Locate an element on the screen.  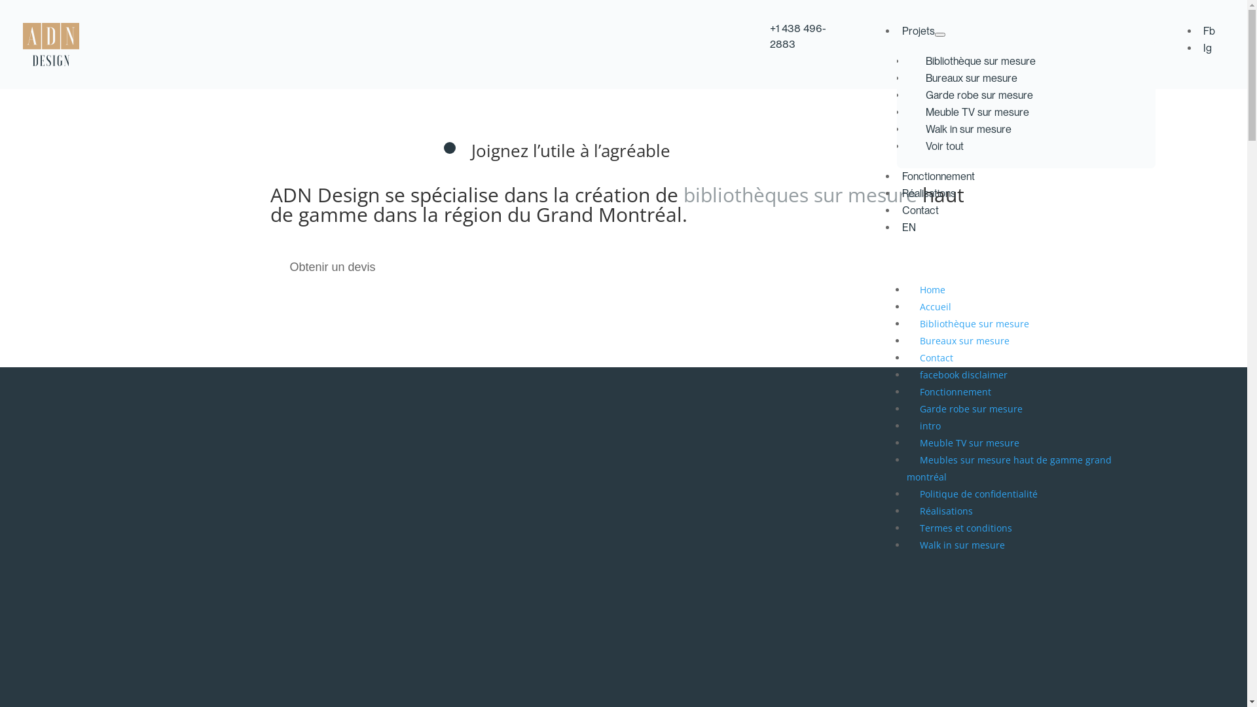
'Accueil' is located at coordinates (935, 306).